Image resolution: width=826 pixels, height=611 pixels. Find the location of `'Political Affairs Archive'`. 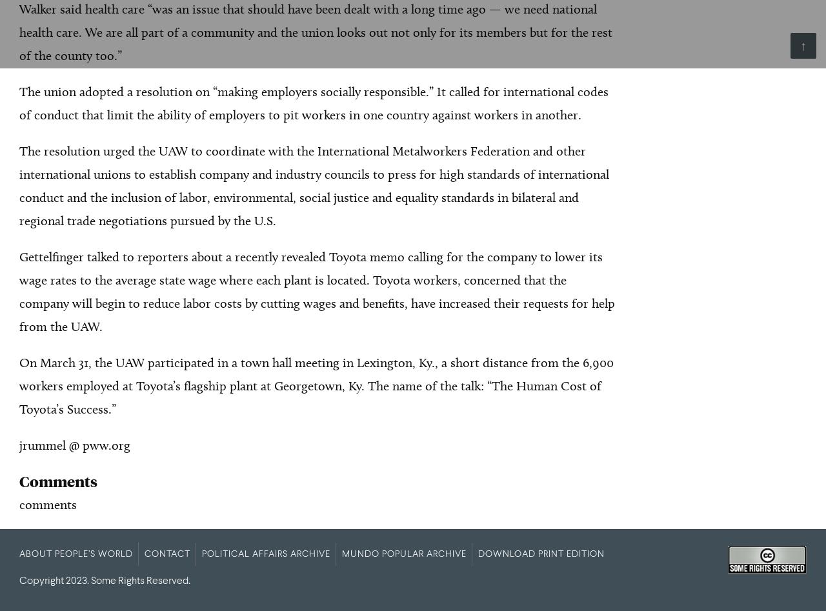

'Political Affairs Archive' is located at coordinates (201, 554).